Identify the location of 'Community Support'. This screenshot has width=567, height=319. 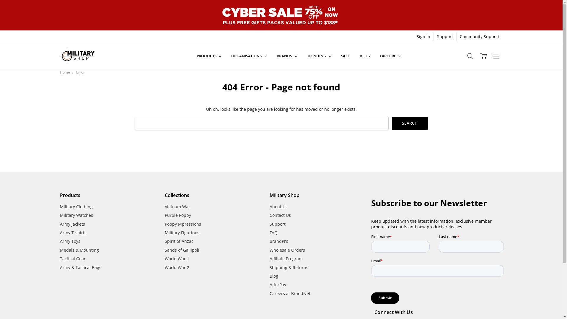
(480, 36).